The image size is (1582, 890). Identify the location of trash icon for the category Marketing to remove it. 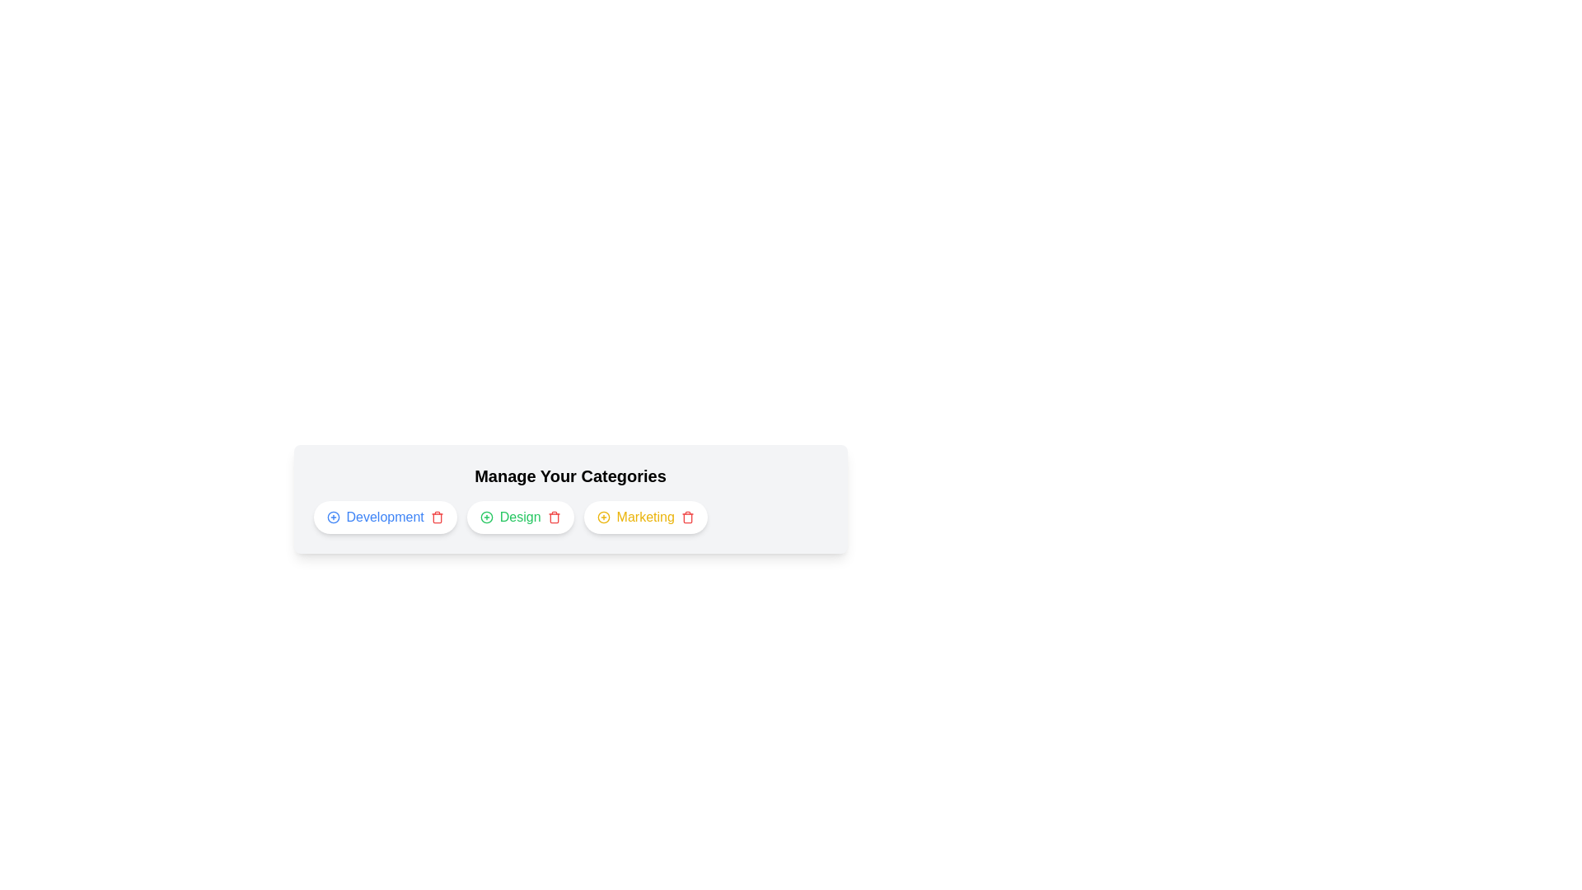
(687, 517).